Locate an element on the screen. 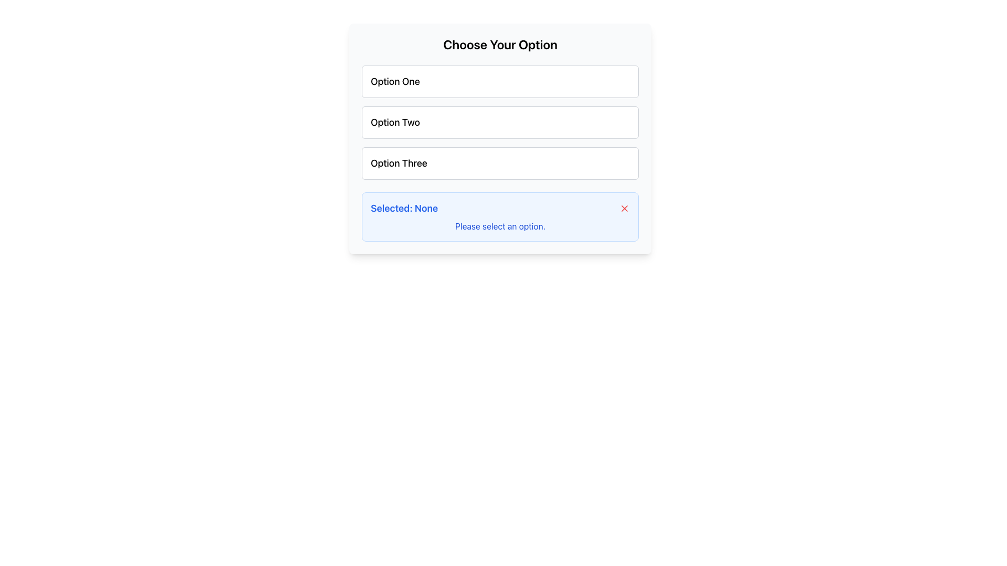 This screenshot has height=566, width=1007. the clear icon button located to the right of the text 'Selected: None' to reset the chosen selection is located at coordinates (624, 208).